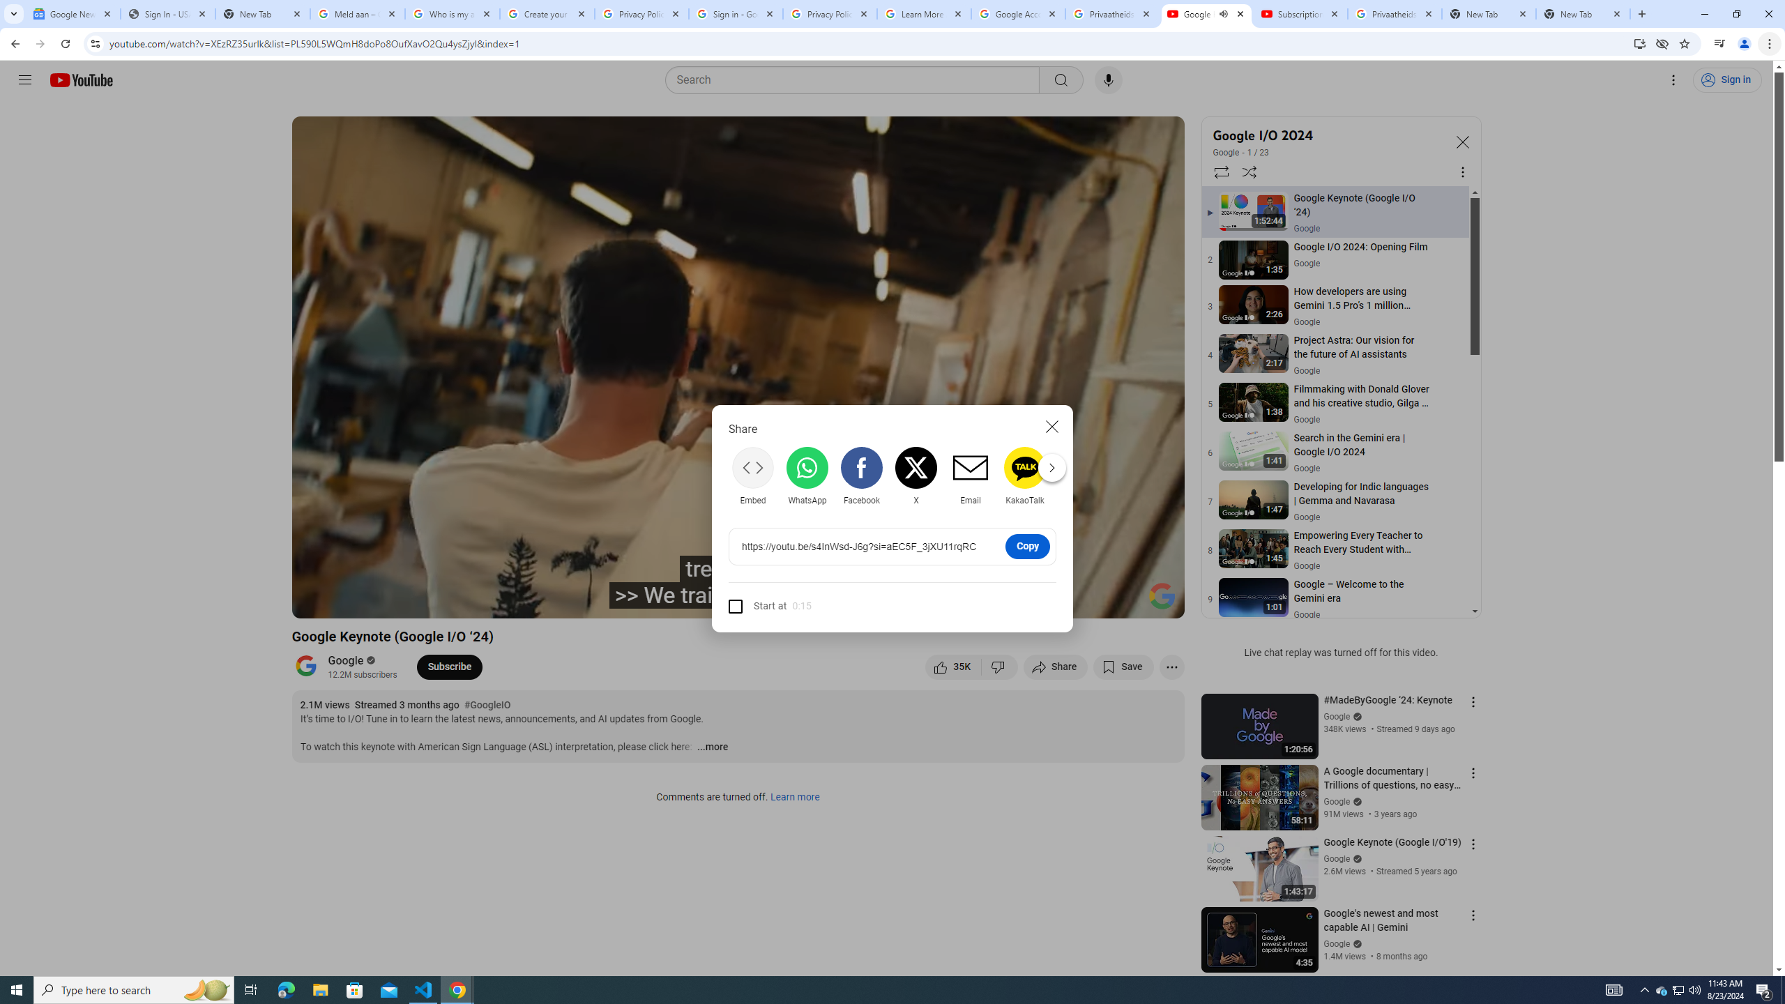 The width and height of the screenshot is (1785, 1004). Describe the element at coordinates (1125, 601) in the screenshot. I see `'Theater mode (t)'` at that location.